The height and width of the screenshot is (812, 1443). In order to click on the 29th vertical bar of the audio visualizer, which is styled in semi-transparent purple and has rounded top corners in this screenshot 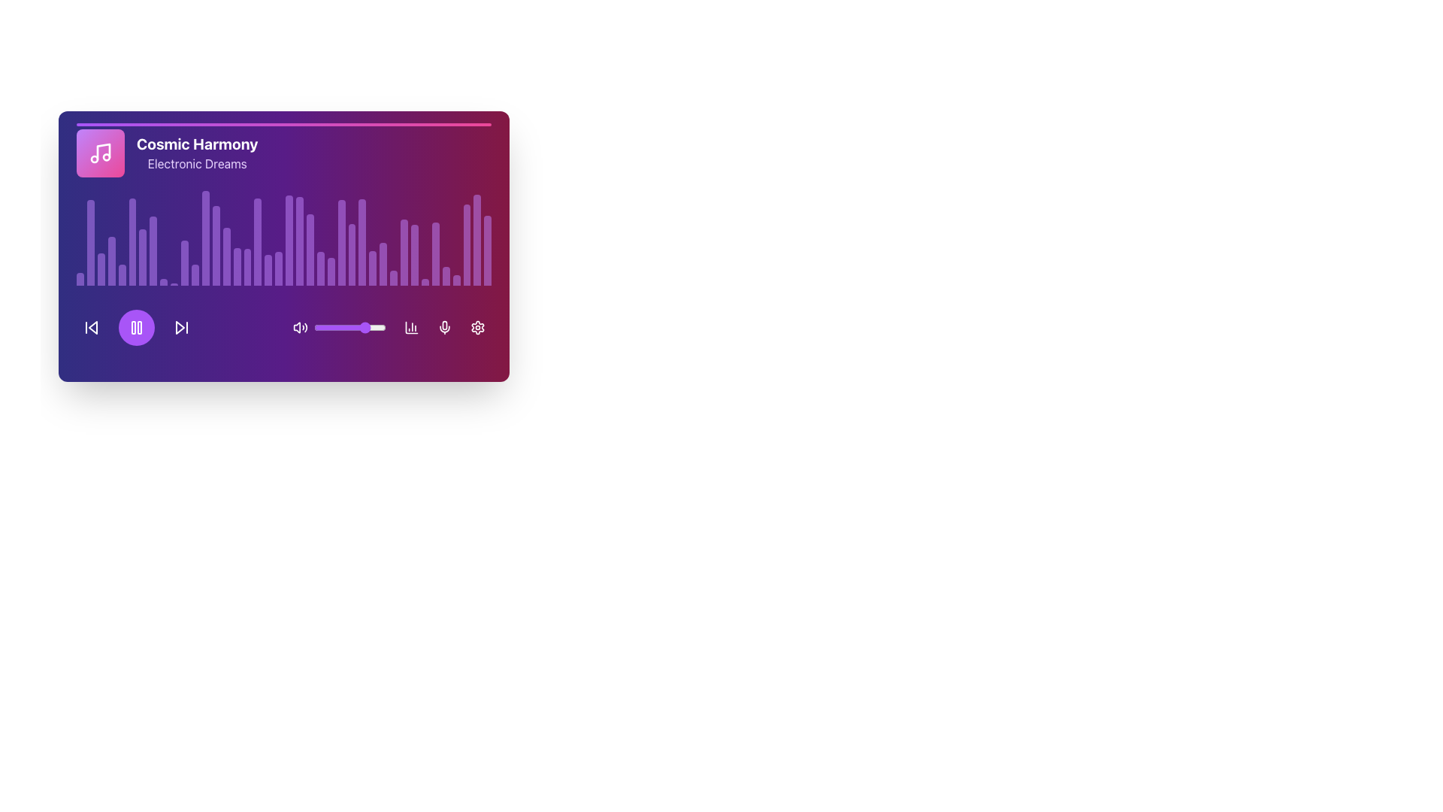, I will do `click(404, 251)`.